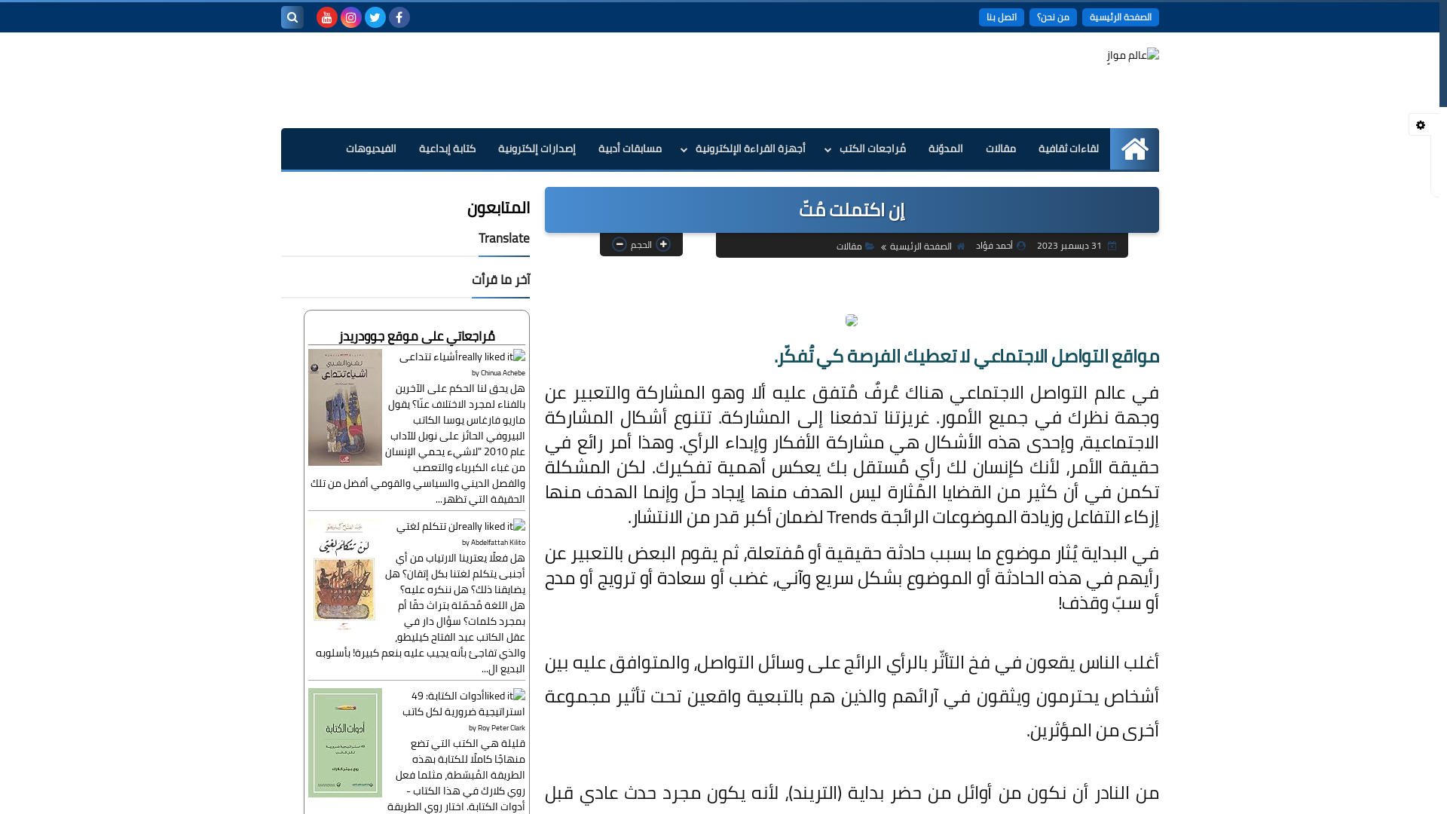 The image size is (1447, 814). Describe the element at coordinates (503, 695) in the screenshot. I see `'liked it'` at that location.